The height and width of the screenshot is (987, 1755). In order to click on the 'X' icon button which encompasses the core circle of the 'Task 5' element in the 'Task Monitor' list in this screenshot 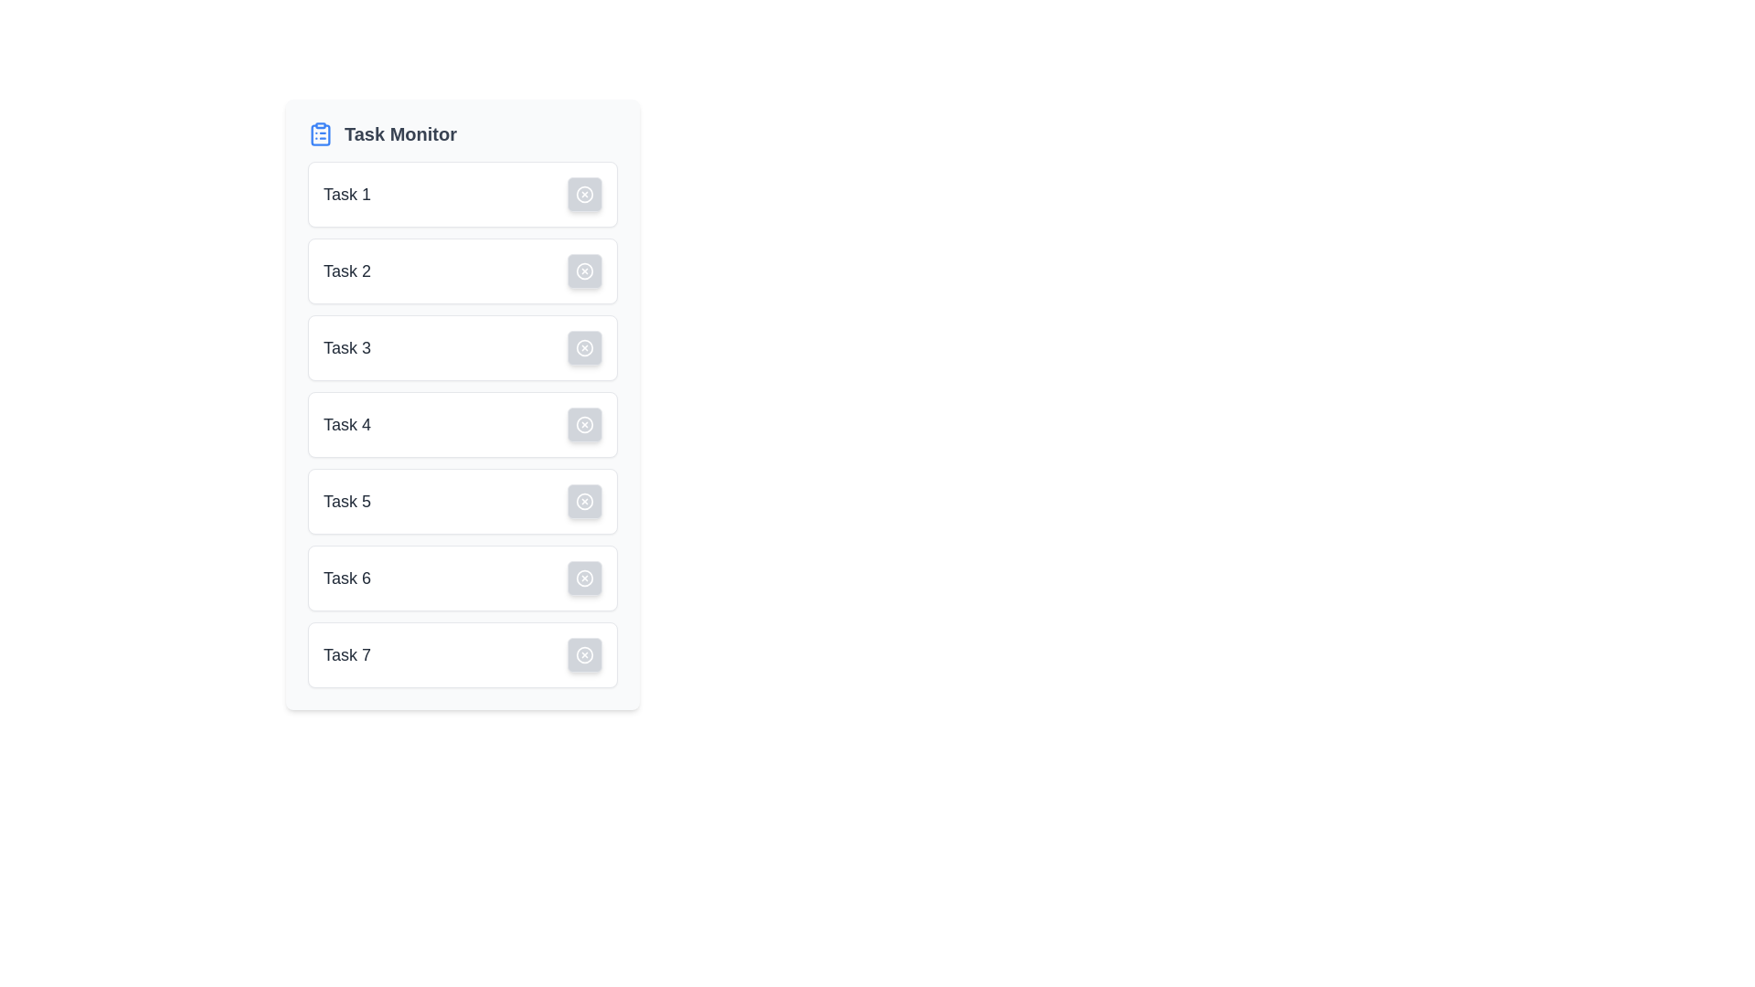, I will do `click(583, 501)`.